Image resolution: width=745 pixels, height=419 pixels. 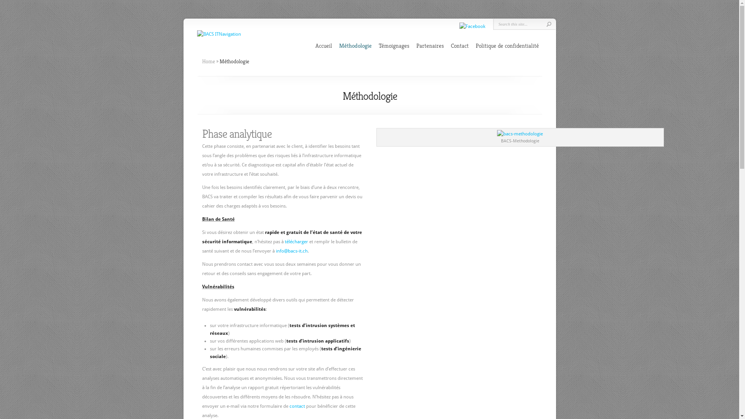 I want to click on 'Partenaires', so click(x=429, y=46).